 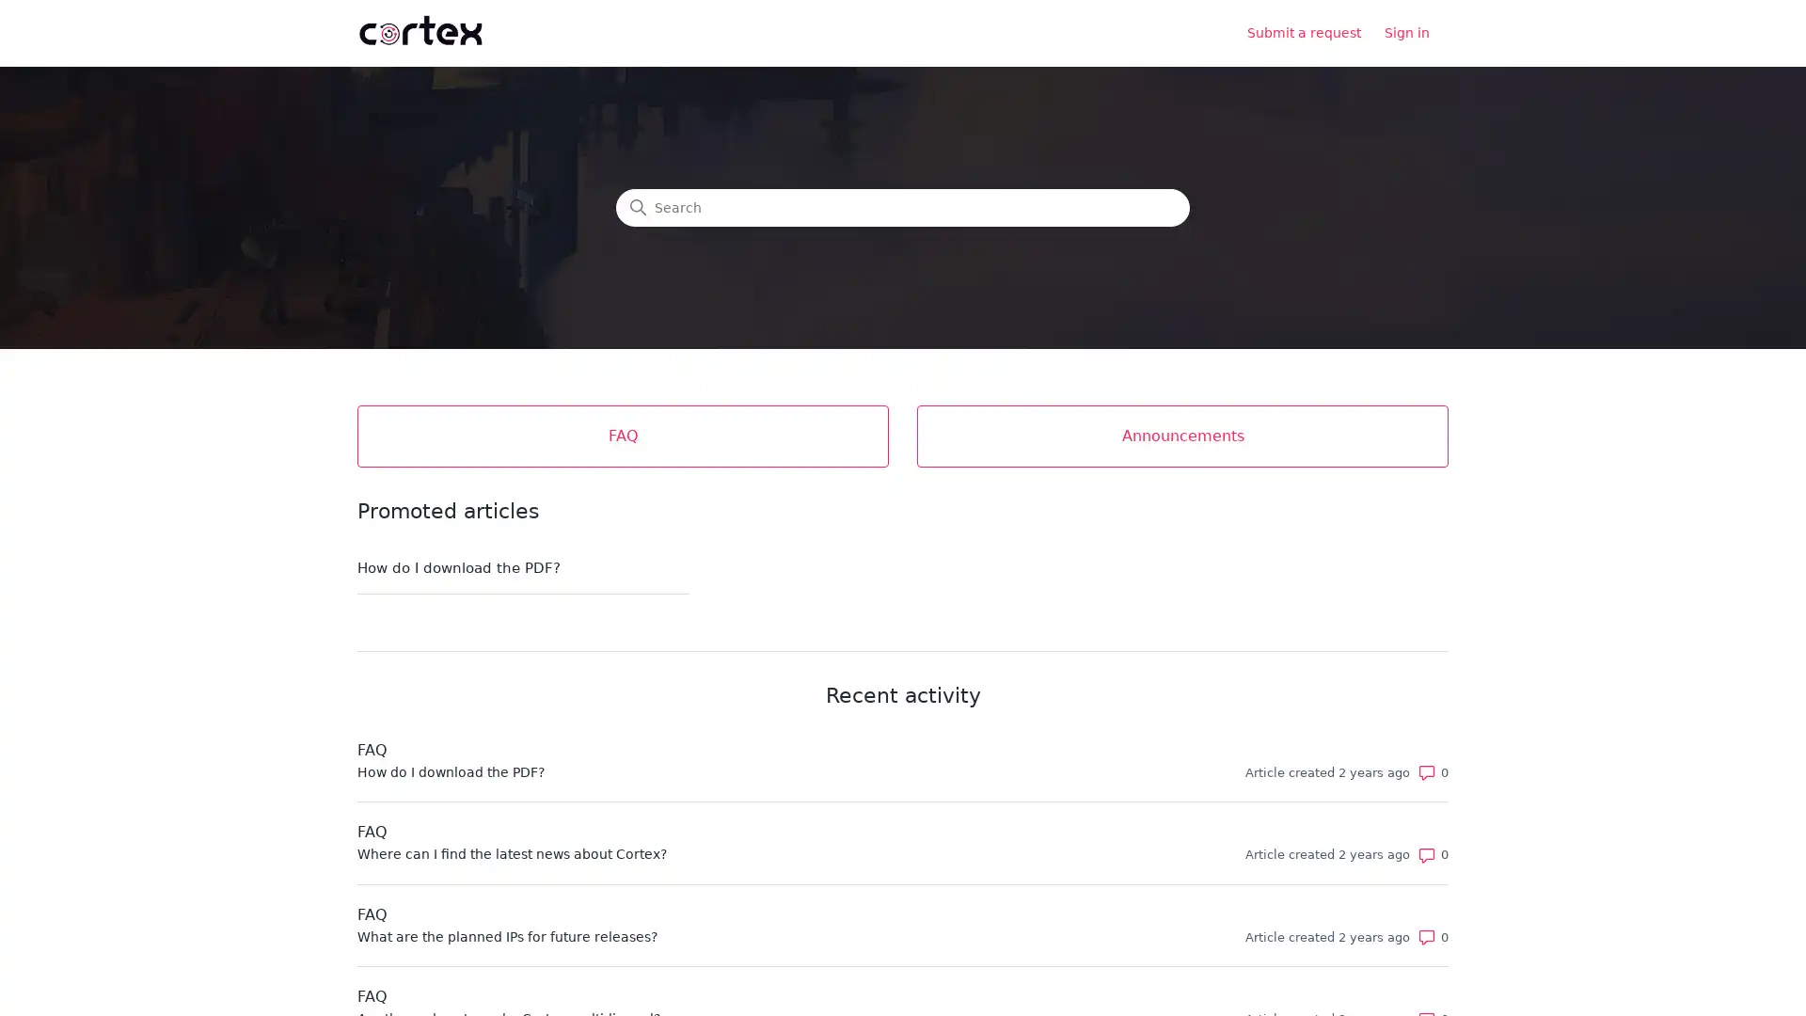 What do you see at coordinates (1417, 33) in the screenshot?
I see `Sign in` at bounding box center [1417, 33].